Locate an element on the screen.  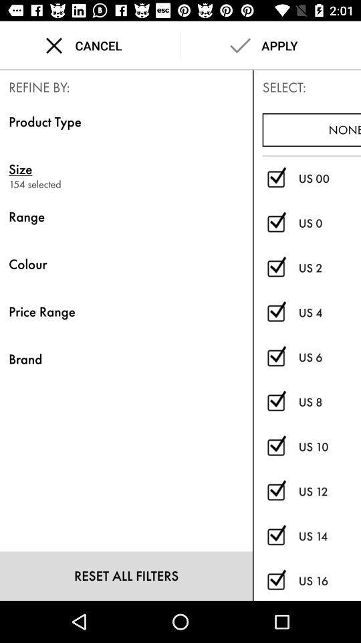
deselect search filter option is located at coordinates (275, 357).